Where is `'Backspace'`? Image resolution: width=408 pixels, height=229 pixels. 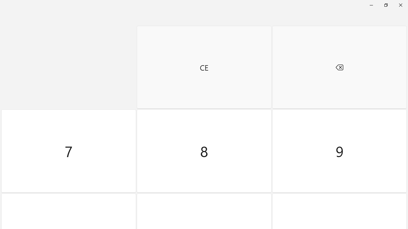 'Backspace' is located at coordinates (339, 67).